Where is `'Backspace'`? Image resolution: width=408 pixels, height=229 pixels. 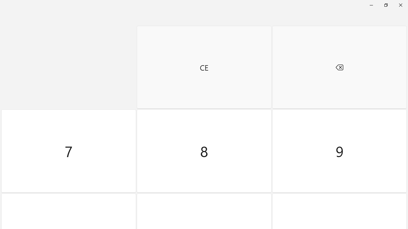 'Backspace' is located at coordinates (339, 67).